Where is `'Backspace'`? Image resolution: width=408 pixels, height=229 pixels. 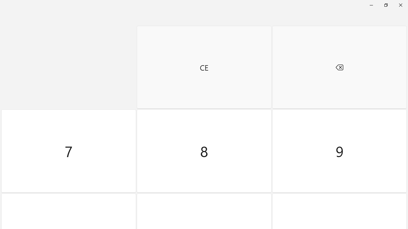 'Backspace' is located at coordinates (339, 67).